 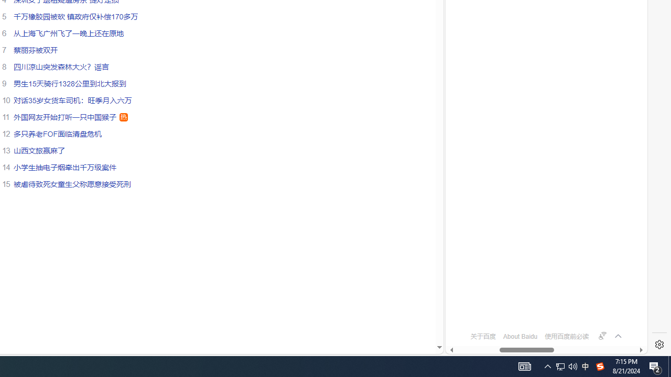 What do you see at coordinates (520, 336) in the screenshot?
I see `'About Baidu'` at bounding box center [520, 336].